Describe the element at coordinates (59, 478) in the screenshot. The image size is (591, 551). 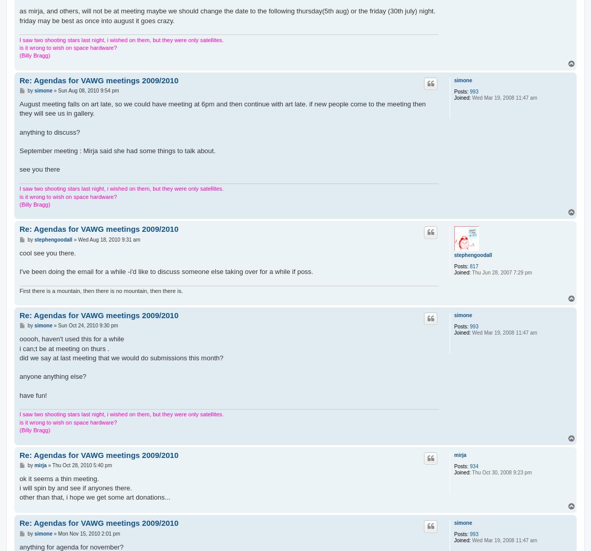
I see `'ok it seems a thin meeting.'` at that location.